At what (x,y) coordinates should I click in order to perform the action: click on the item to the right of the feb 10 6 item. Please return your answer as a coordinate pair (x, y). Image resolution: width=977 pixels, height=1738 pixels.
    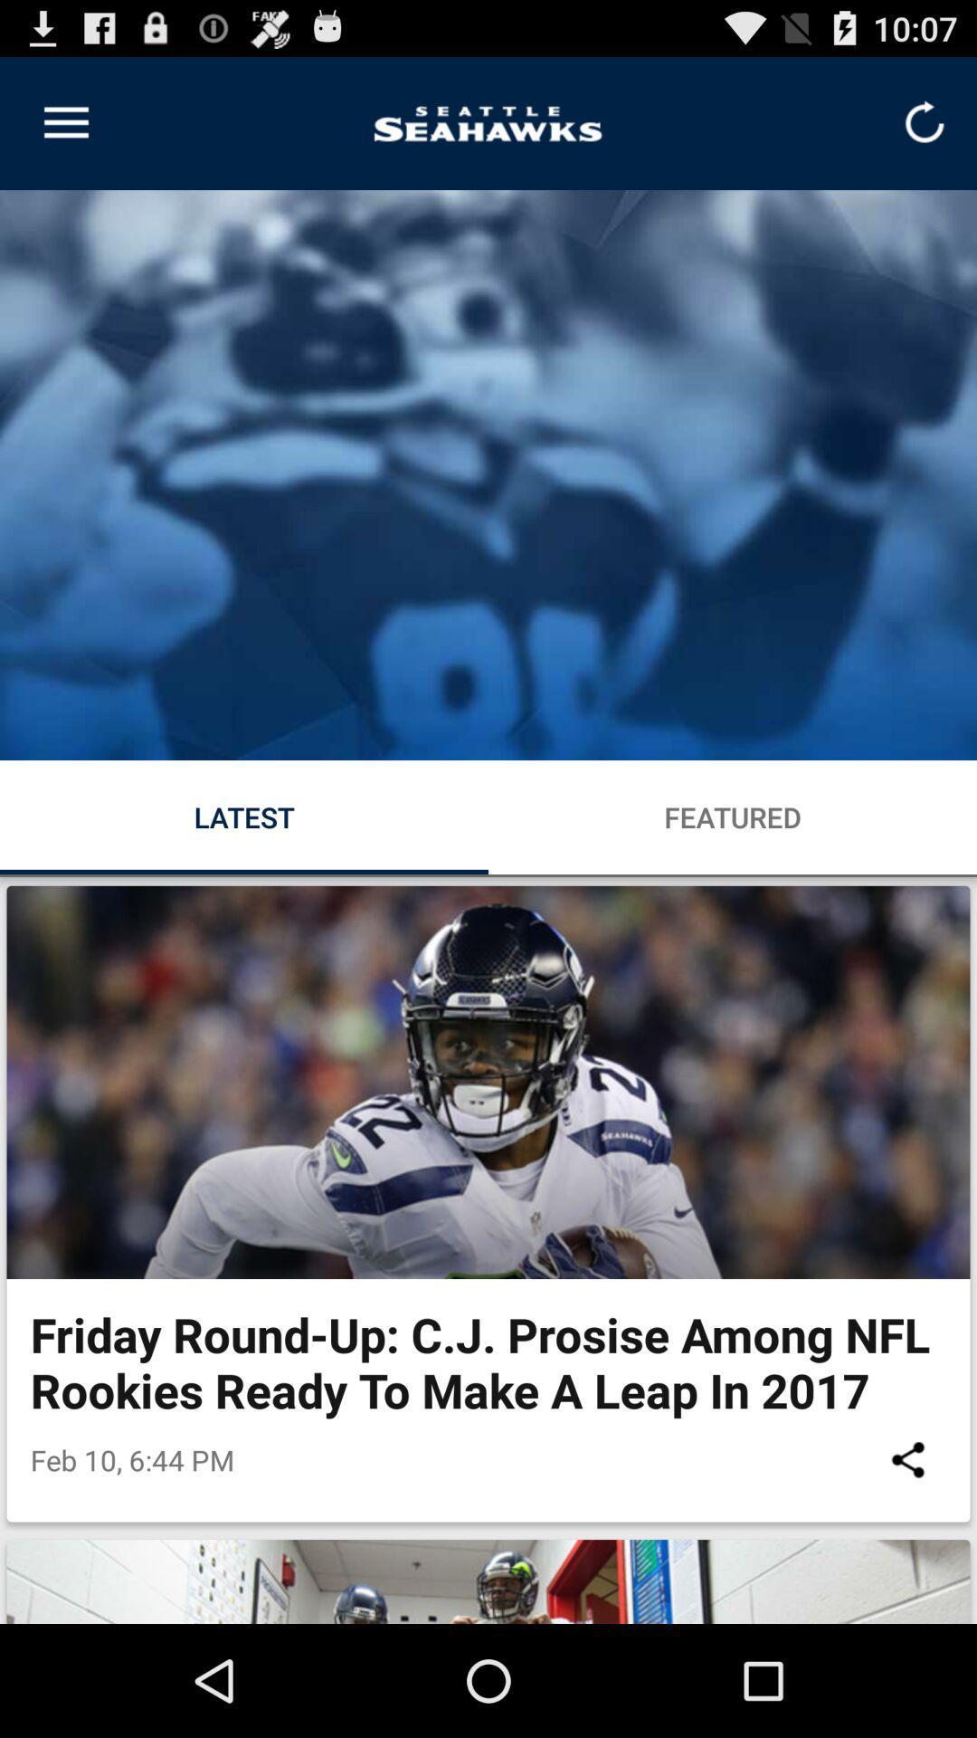
    Looking at the image, I should click on (907, 1459).